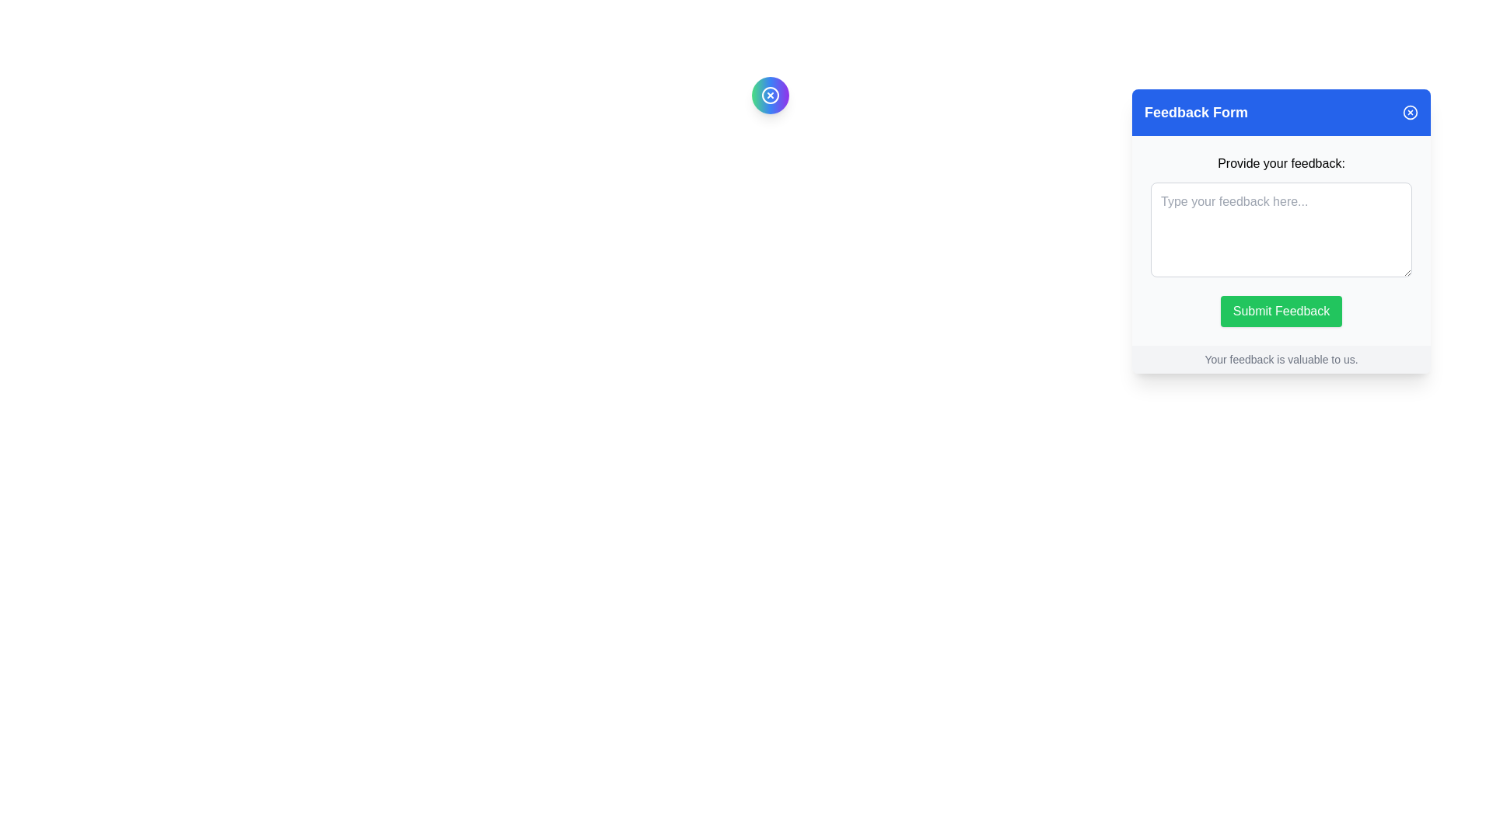 The width and height of the screenshot is (1493, 839). Describe the element at coordinates (1411, 112) in the screenshot. I see `the close or cancel icon button located above the 'Feedback Form' section in the top section of the interface` at that location.